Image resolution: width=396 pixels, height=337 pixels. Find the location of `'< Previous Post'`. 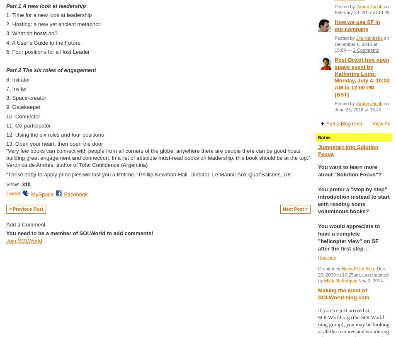

'< Previous Post' is located at coordinates (25, 209).